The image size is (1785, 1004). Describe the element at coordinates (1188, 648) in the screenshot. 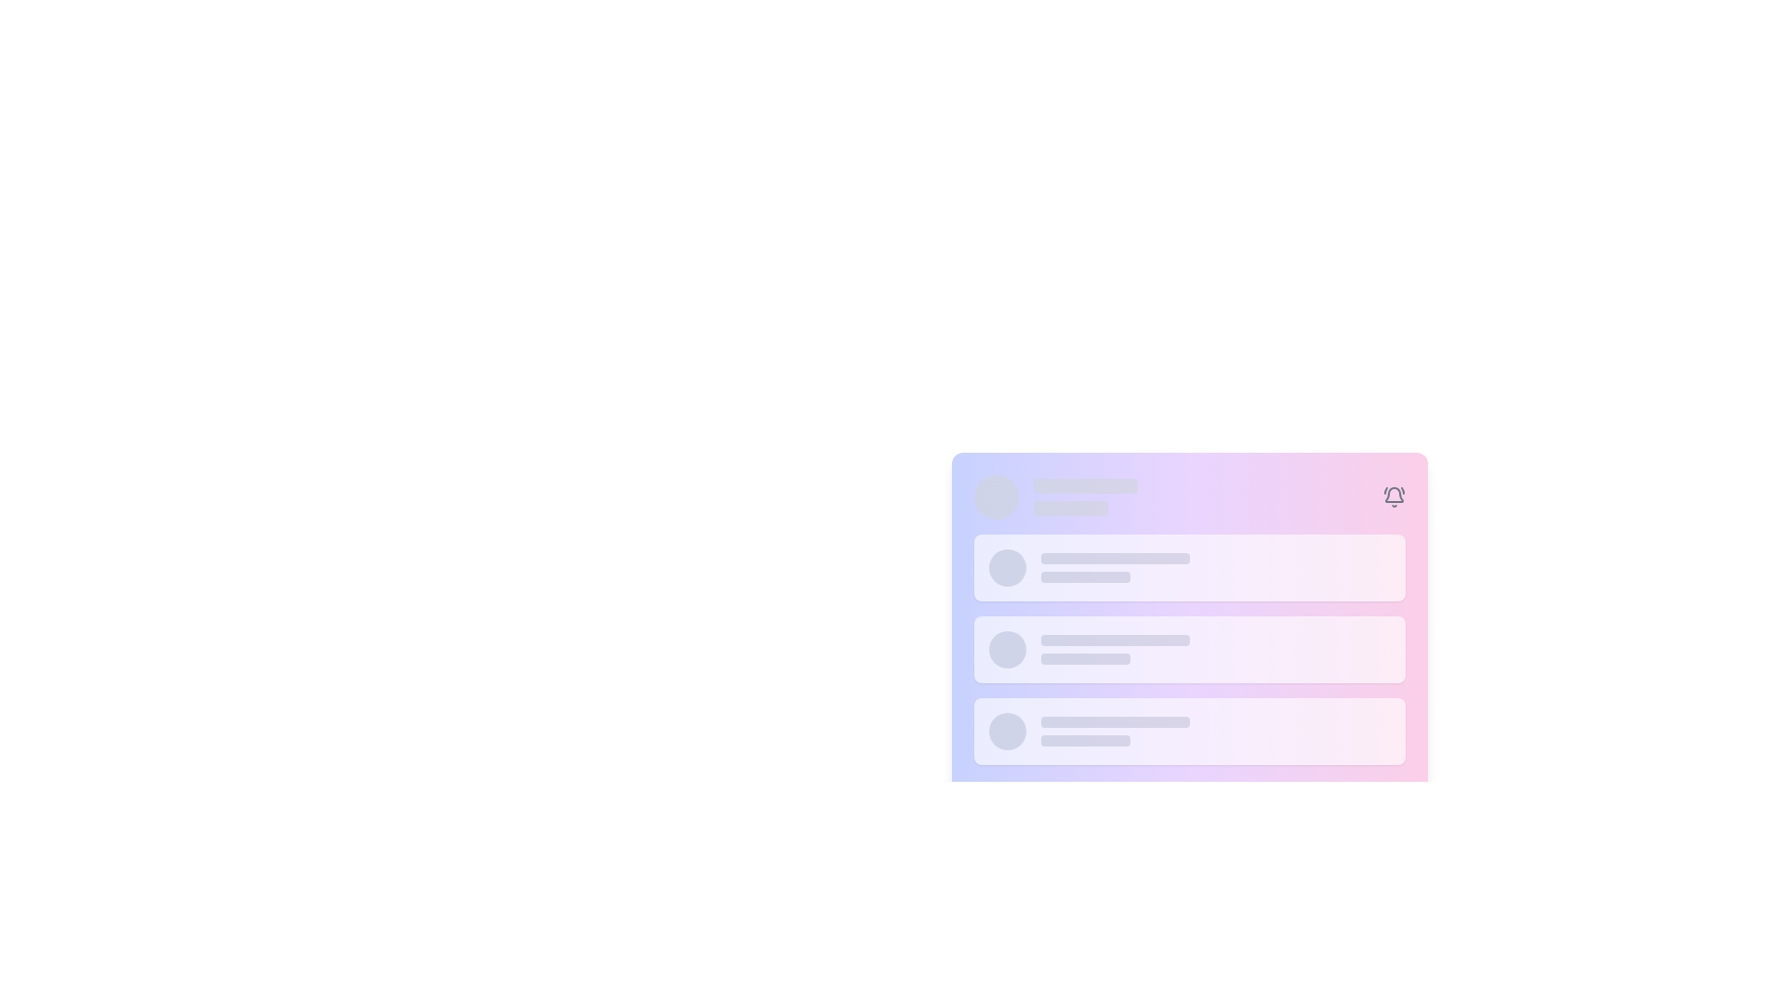

I see `the second Placeholder Card in the vertically stacked list of loading indications` at that location.